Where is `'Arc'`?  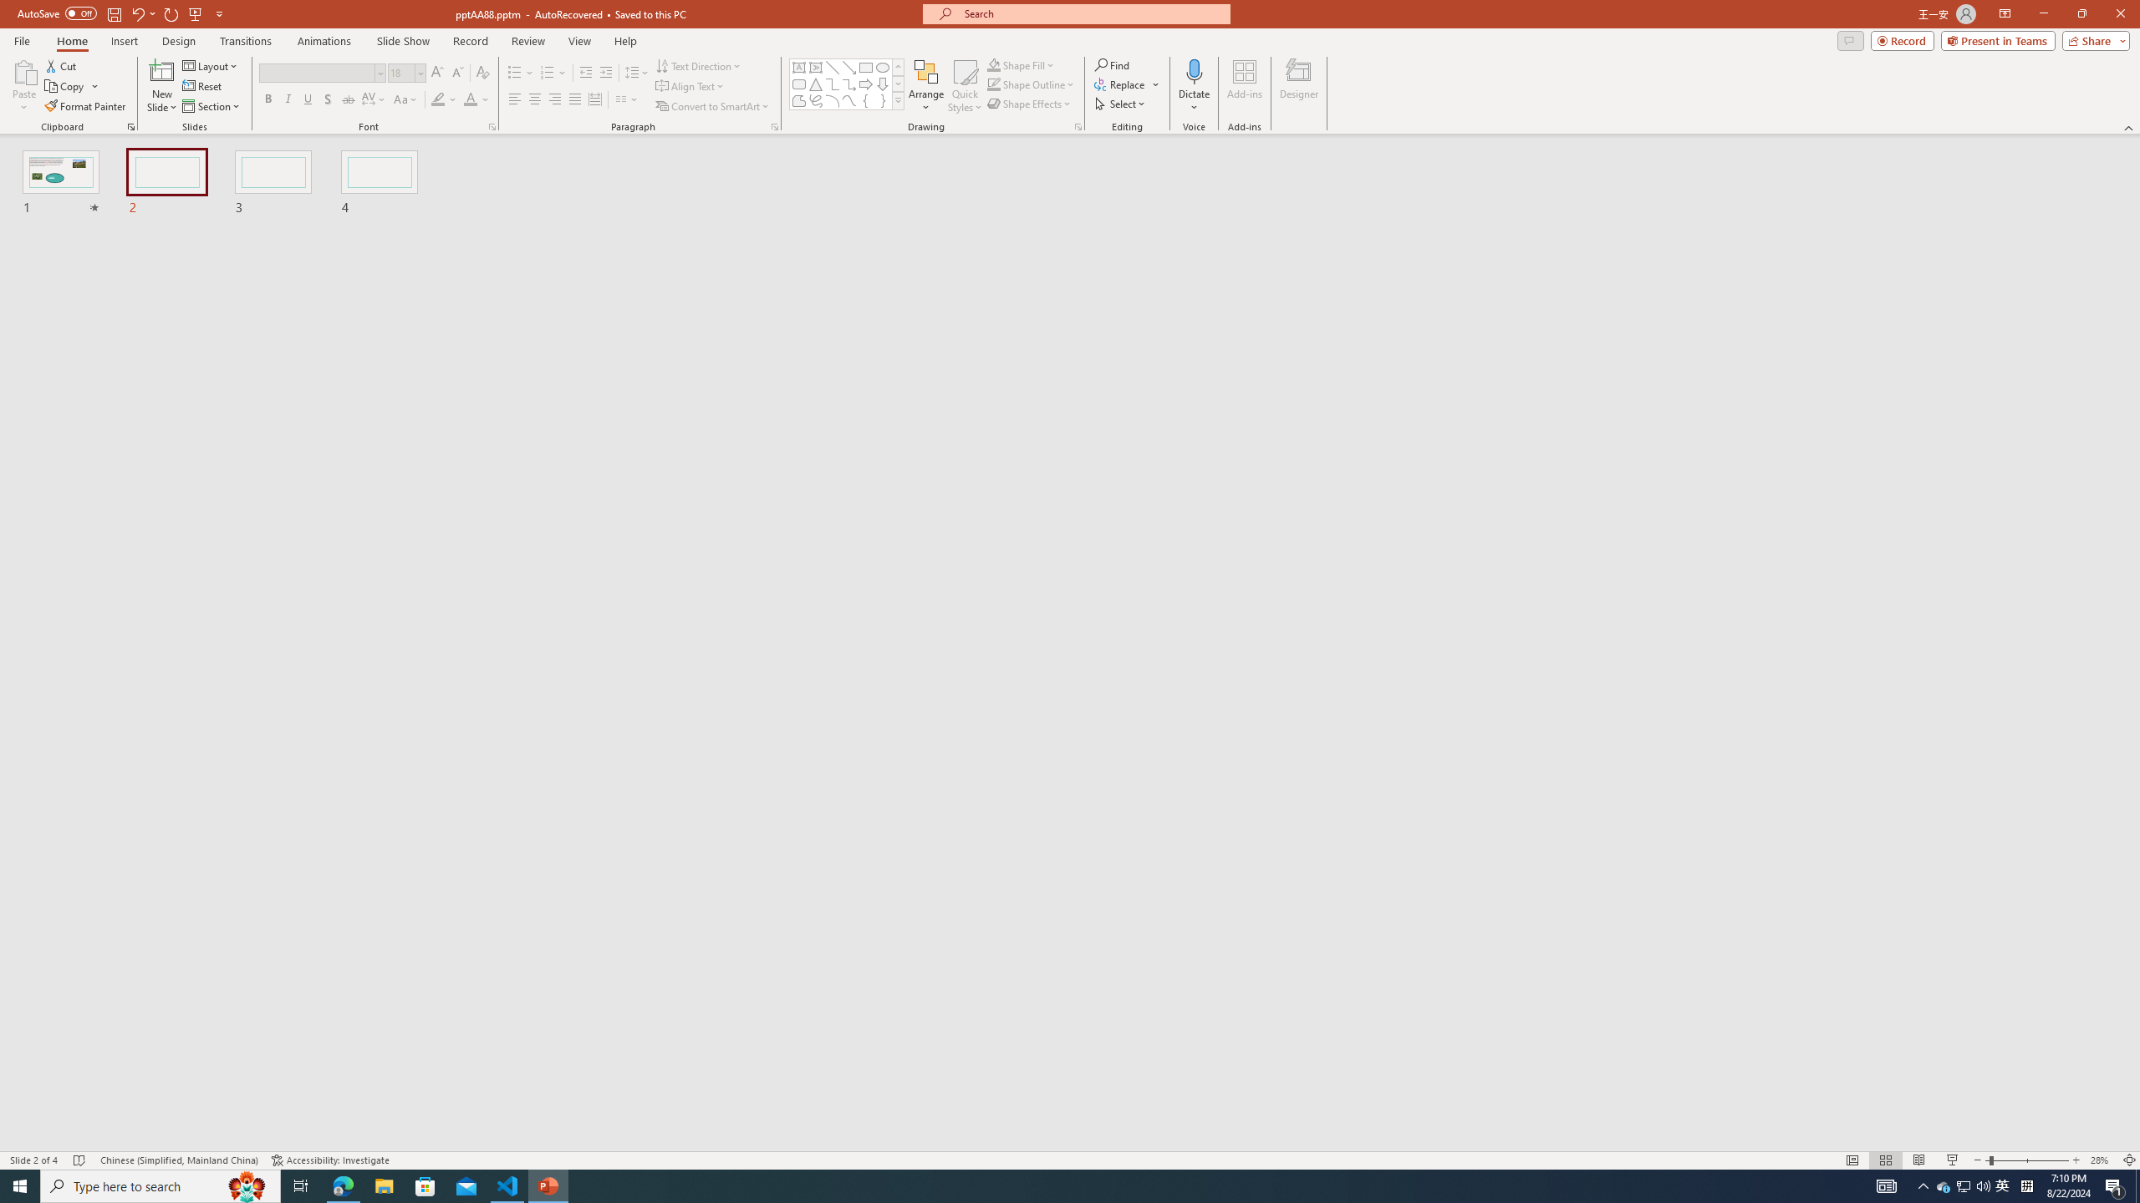
'Arc' is located at coordinates (831, 99).